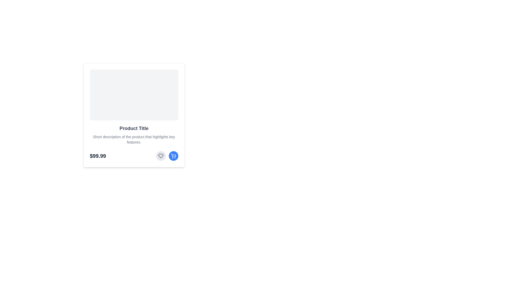 The image size is (508, 286). I want to click on the dual-button group containing the heart and cart icons, so click(167, 156).